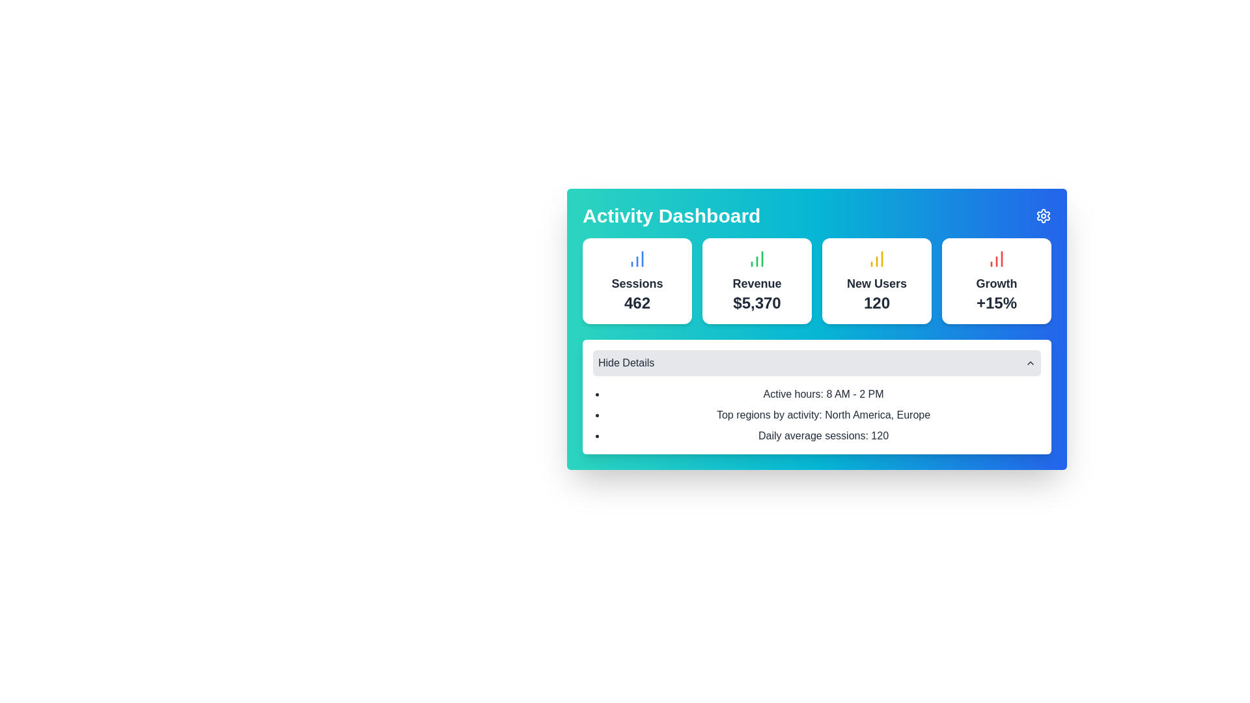 The image size is (1250, 703). What do you see at coordinates (637, 281) in the screenshot?
I see `the Informative display card displaying 'Sessions' with the value '462', which features a blue bar chart icon at the top and is the first card in a row of four cards` at bounding box center [637, 281].